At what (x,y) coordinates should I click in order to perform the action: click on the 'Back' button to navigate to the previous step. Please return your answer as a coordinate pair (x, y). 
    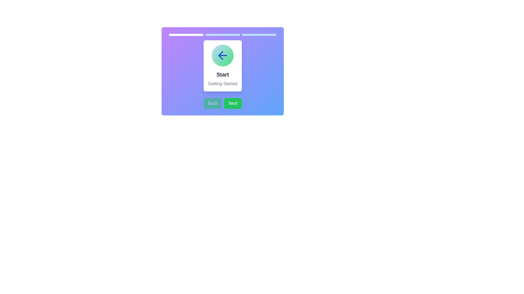
    Looking at the image, I should click on (212, 103).